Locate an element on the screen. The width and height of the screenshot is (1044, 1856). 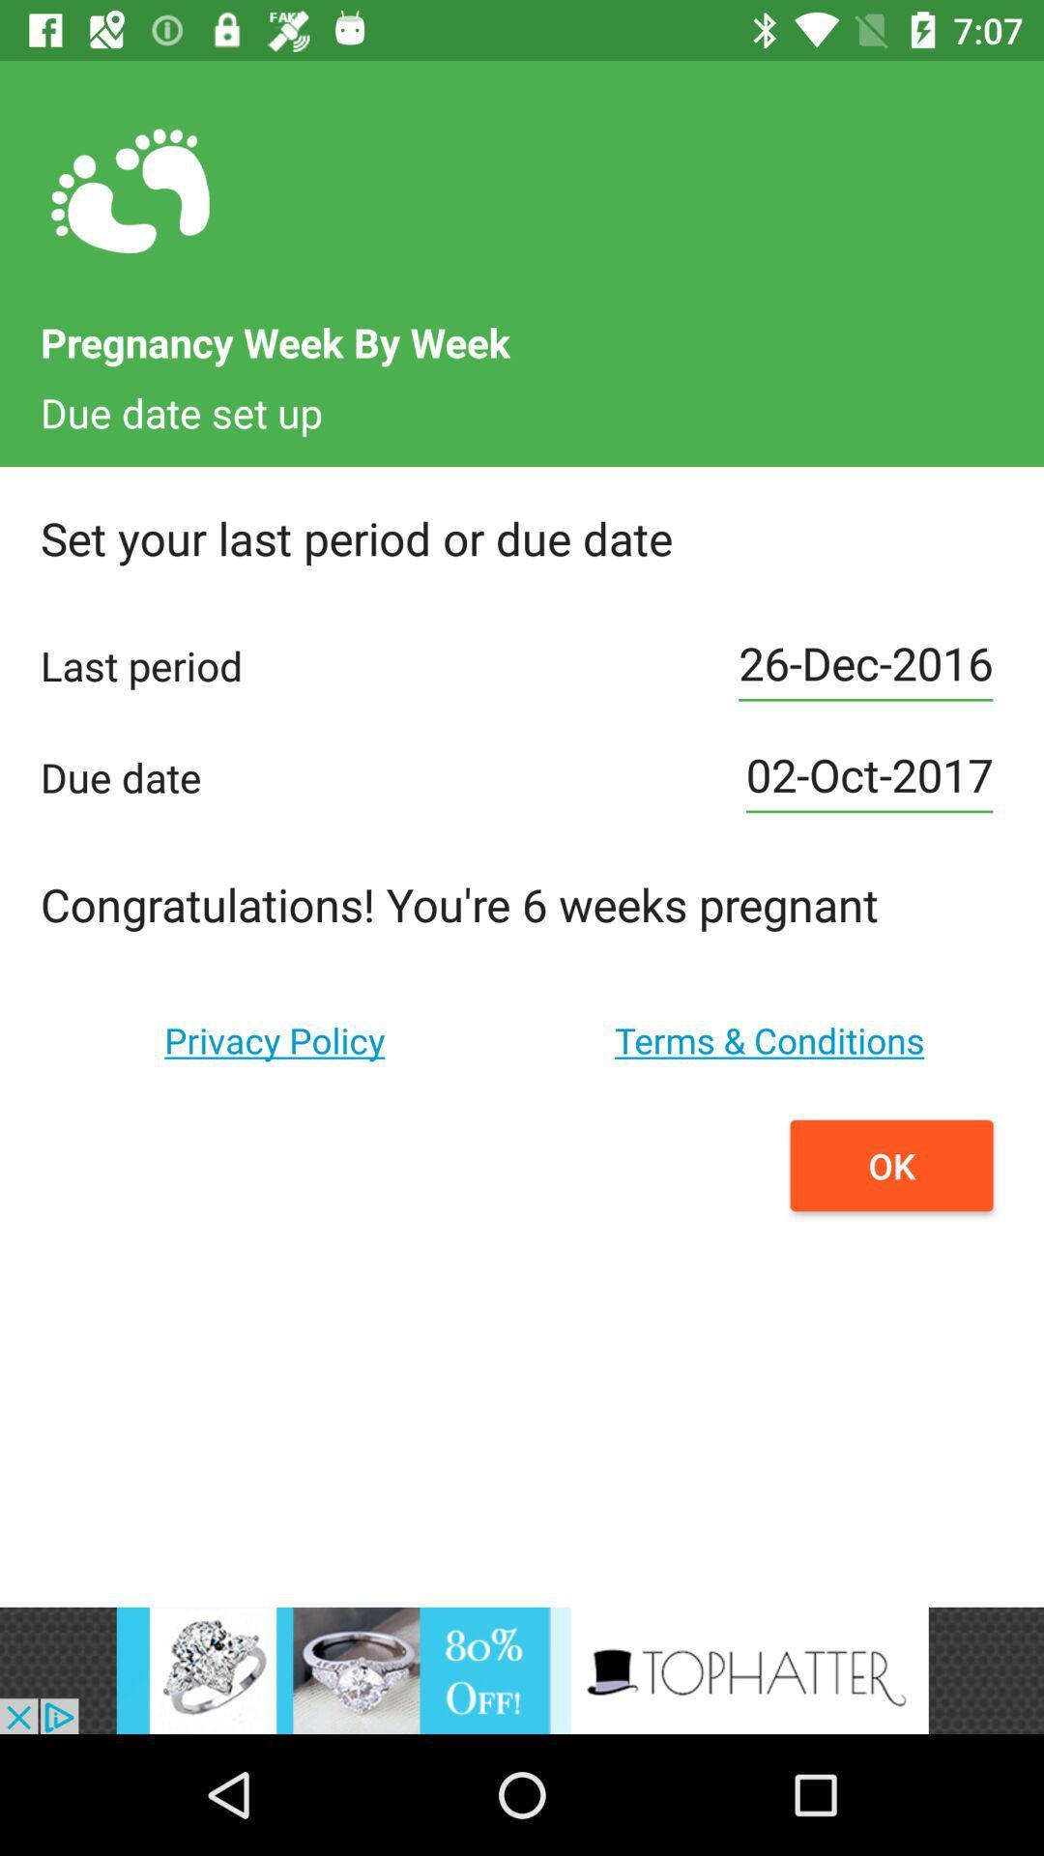
advertisement link is located at coordinates (522, 1669).